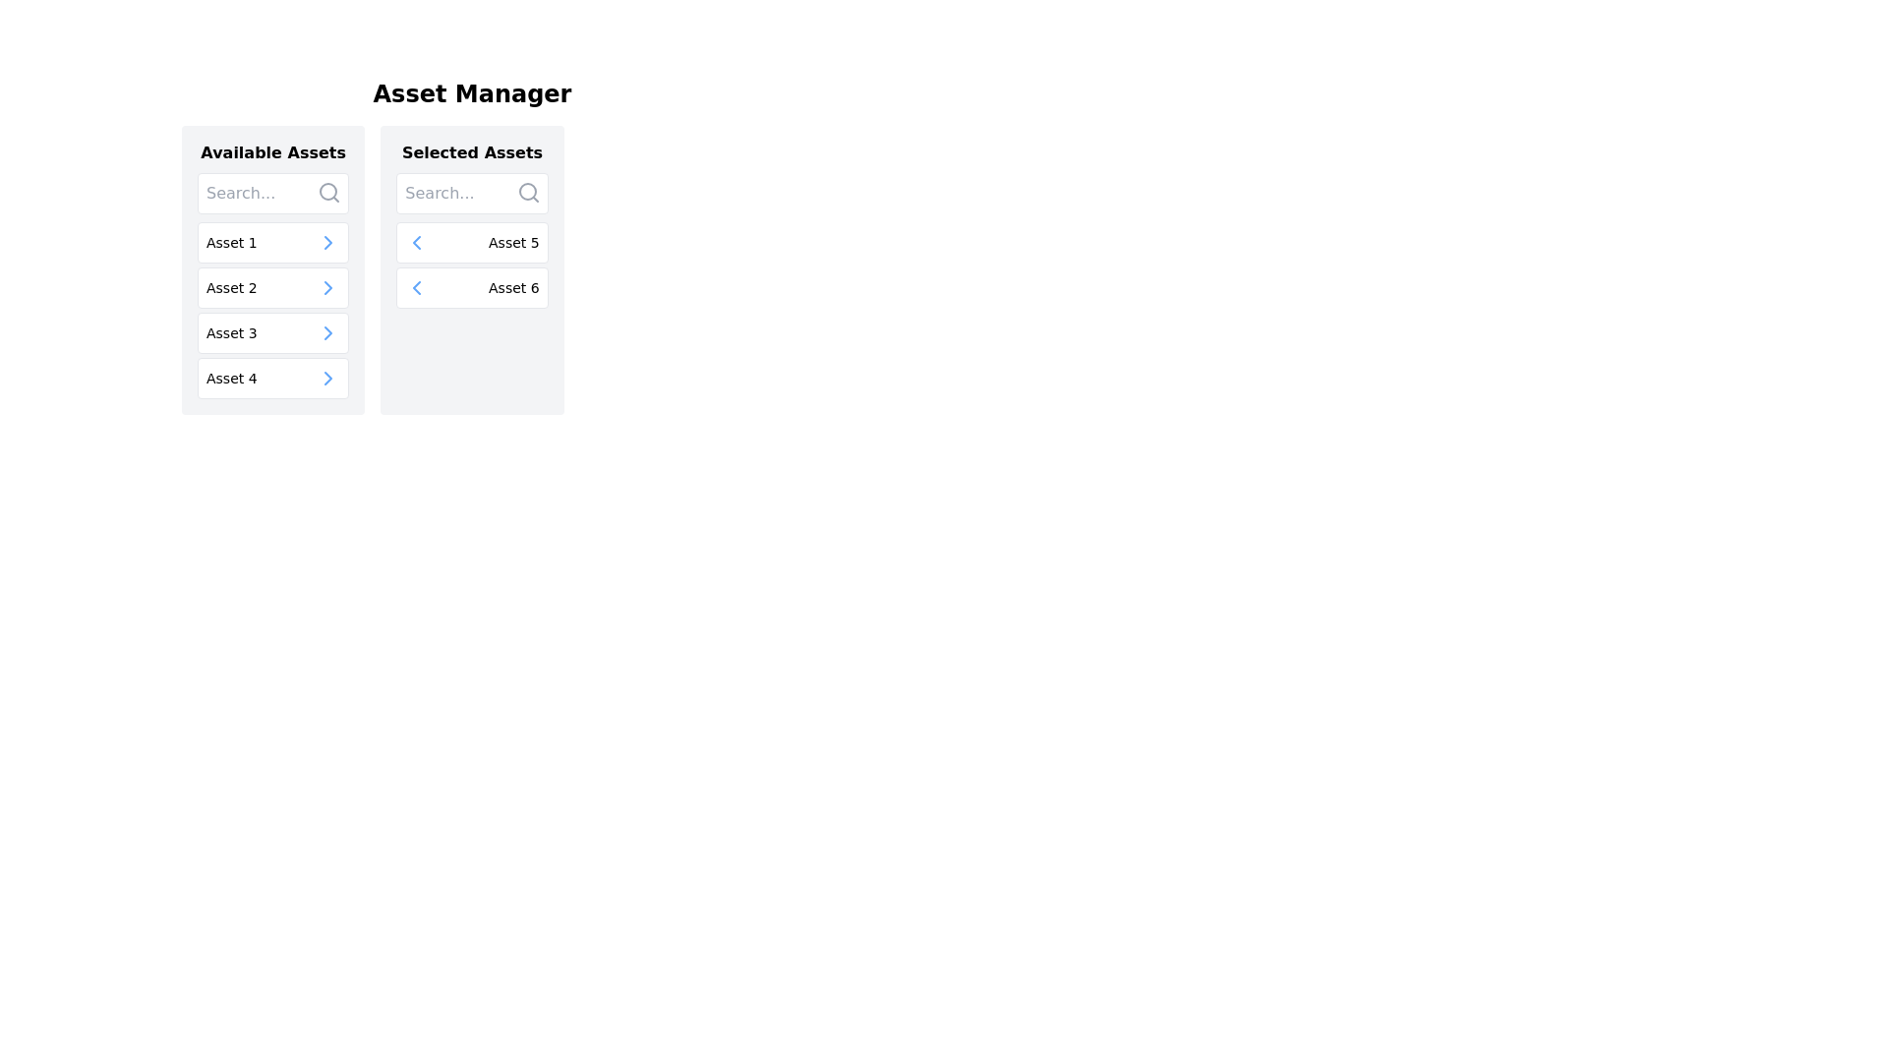 The image size is (1888, 1062). I want to click on the bright right-pointing chevron icon located to the right of the text 'Asset 4' in the 'Available Assets' panel, so click(328, 379).